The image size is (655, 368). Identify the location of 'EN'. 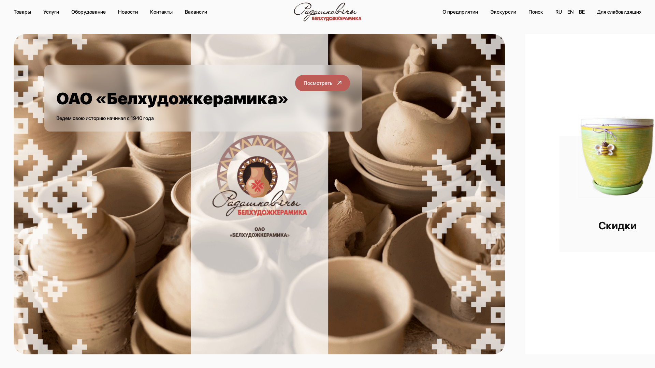
(570, 12).